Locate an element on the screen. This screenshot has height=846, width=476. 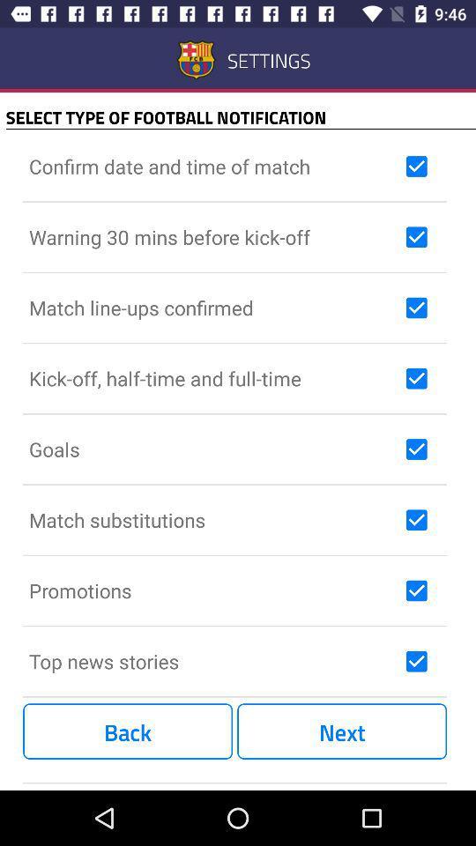
the top news stories is located at coordinates (213, 660).